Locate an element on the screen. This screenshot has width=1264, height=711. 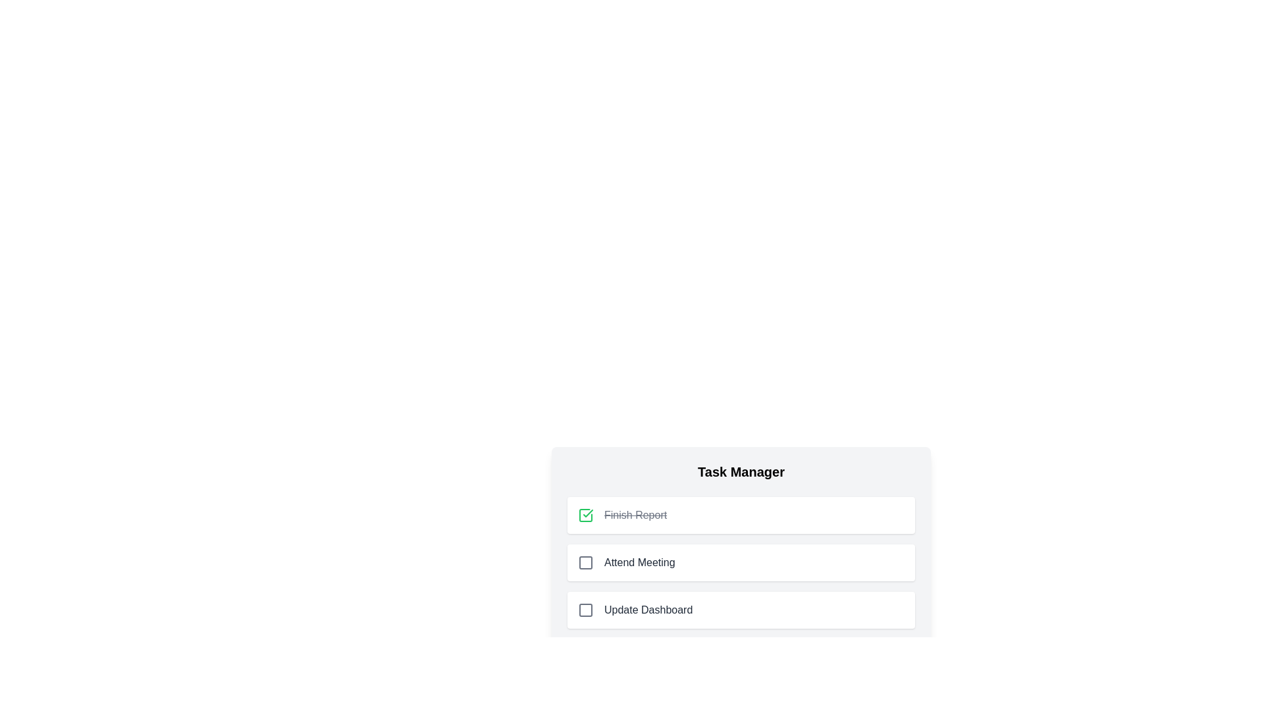
the second task item in the Task Manager application is located at coordinates (741, 563).